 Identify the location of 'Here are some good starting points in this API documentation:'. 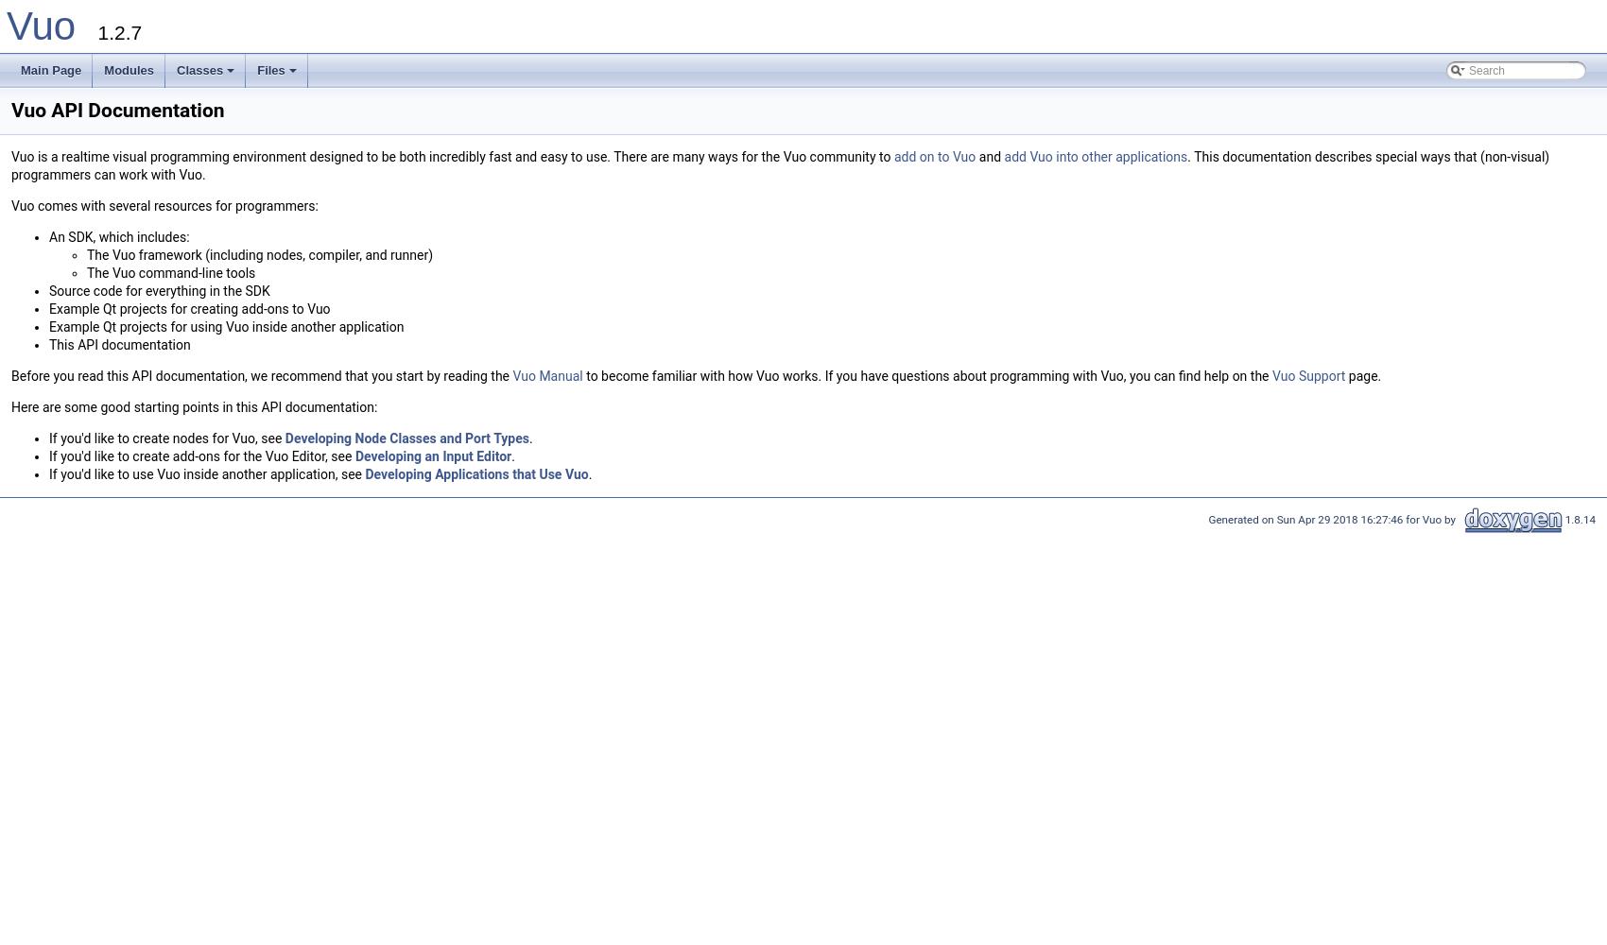
(193, 407).